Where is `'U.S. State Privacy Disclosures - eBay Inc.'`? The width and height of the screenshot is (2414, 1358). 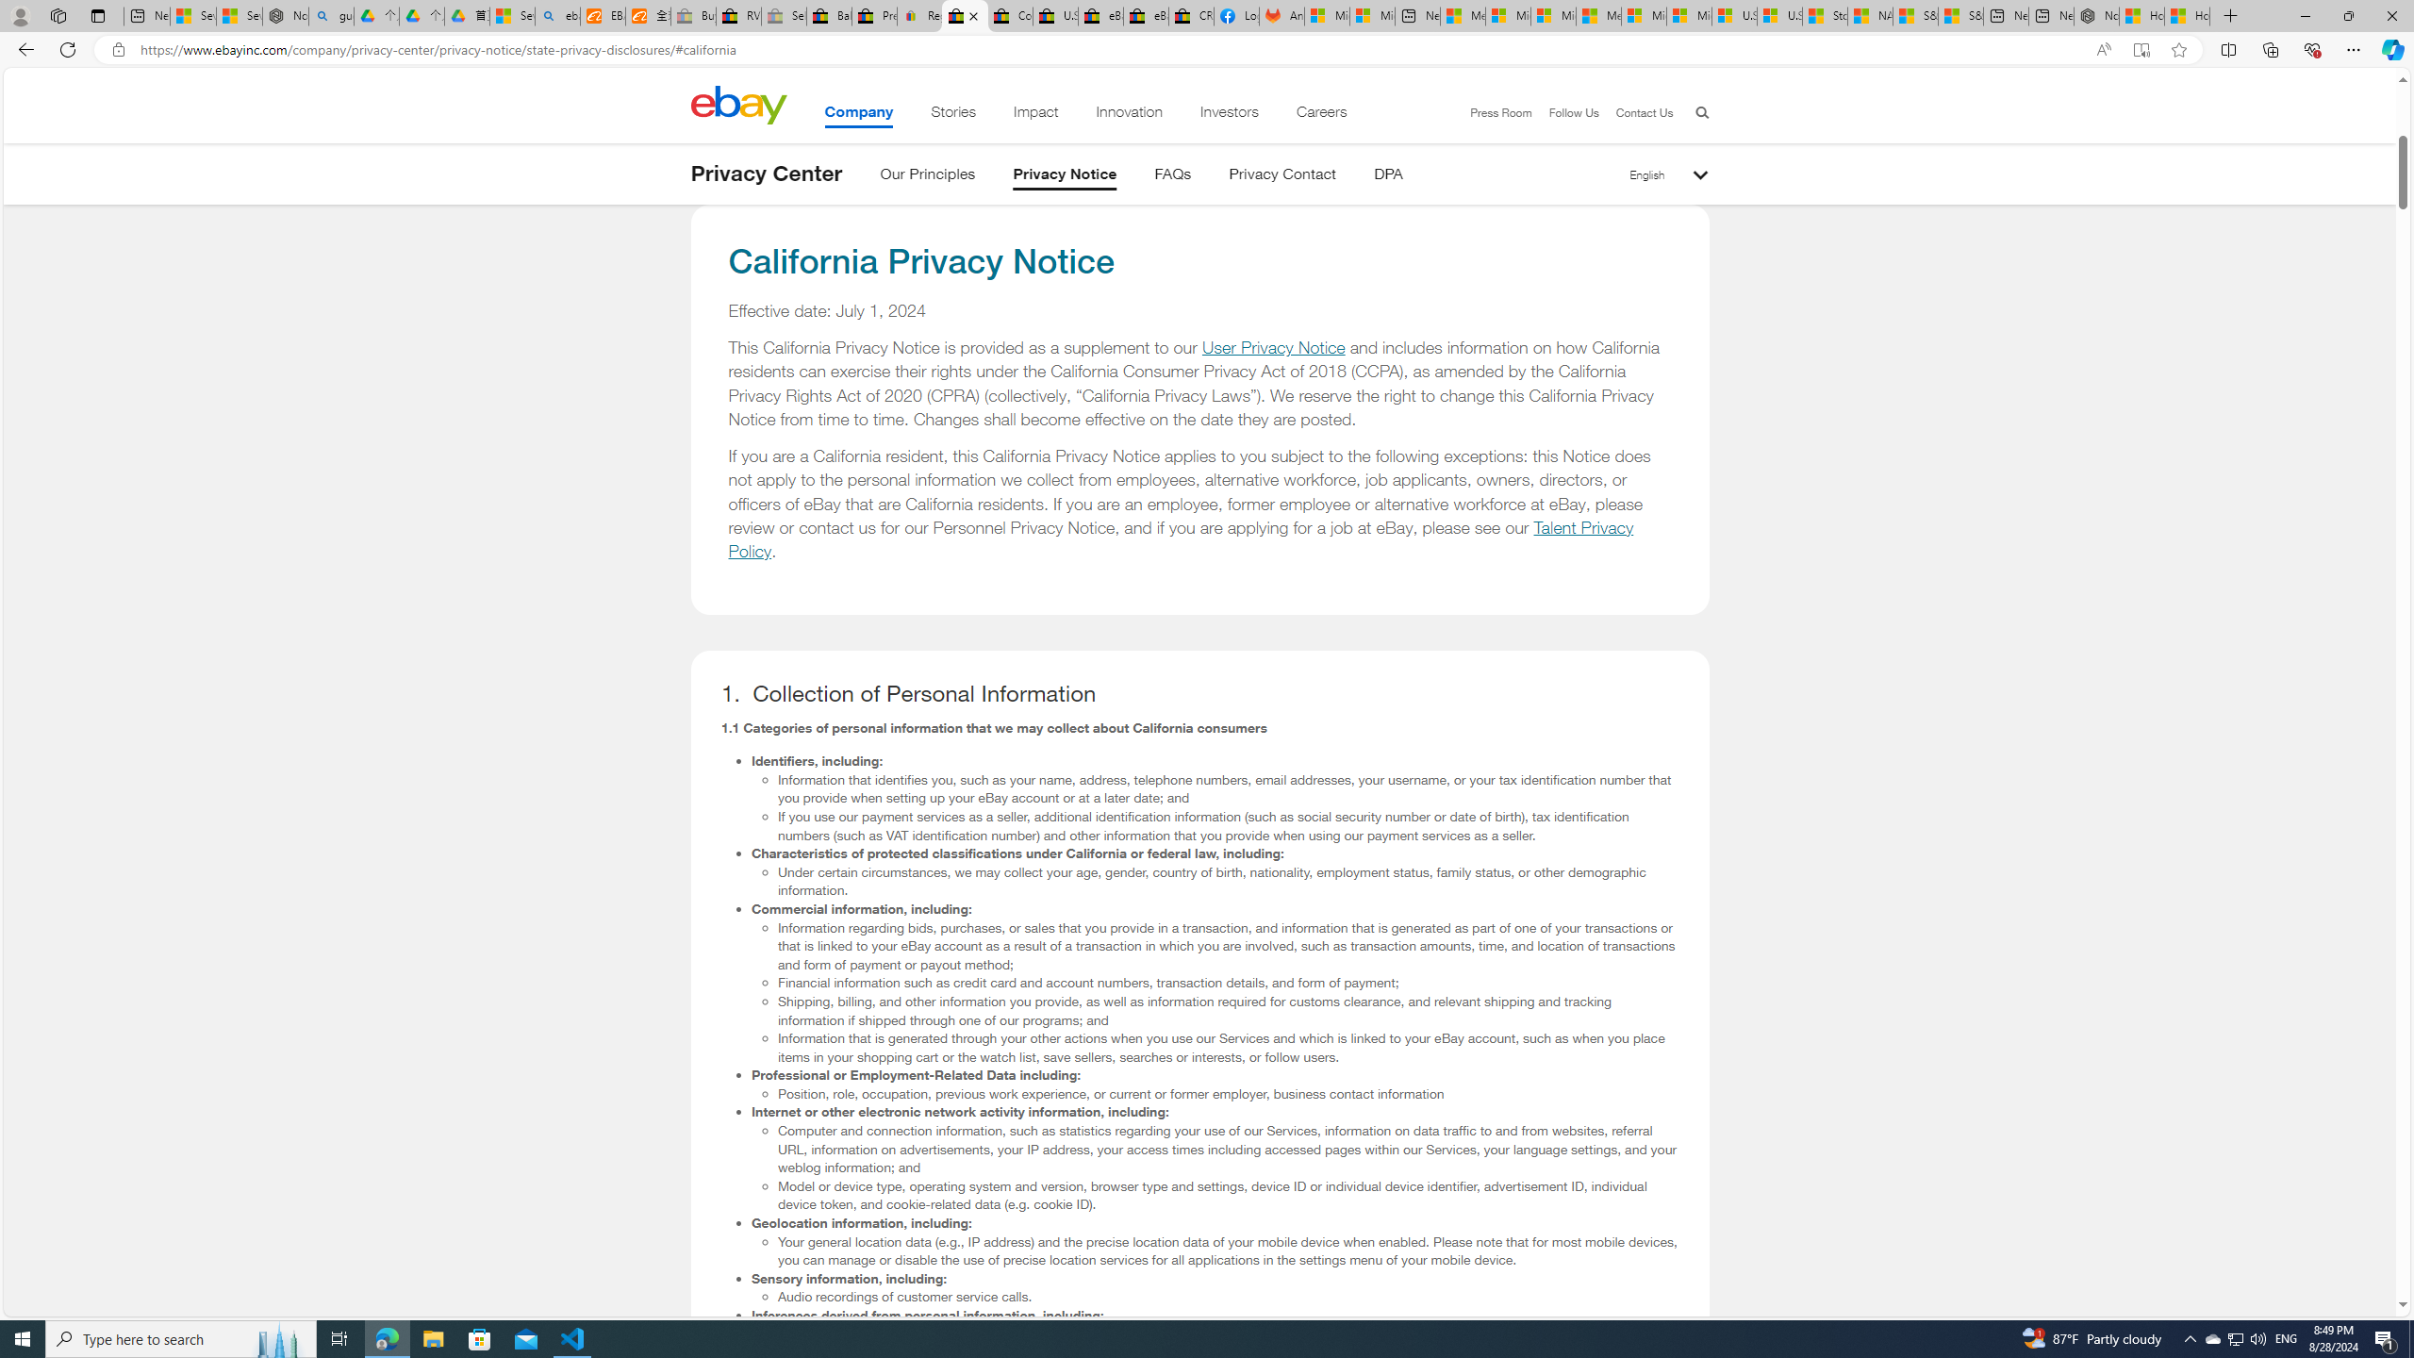
'U.S. State Privacy Disclosures - eBay Inc.' is located at coordinates (1056, 15).